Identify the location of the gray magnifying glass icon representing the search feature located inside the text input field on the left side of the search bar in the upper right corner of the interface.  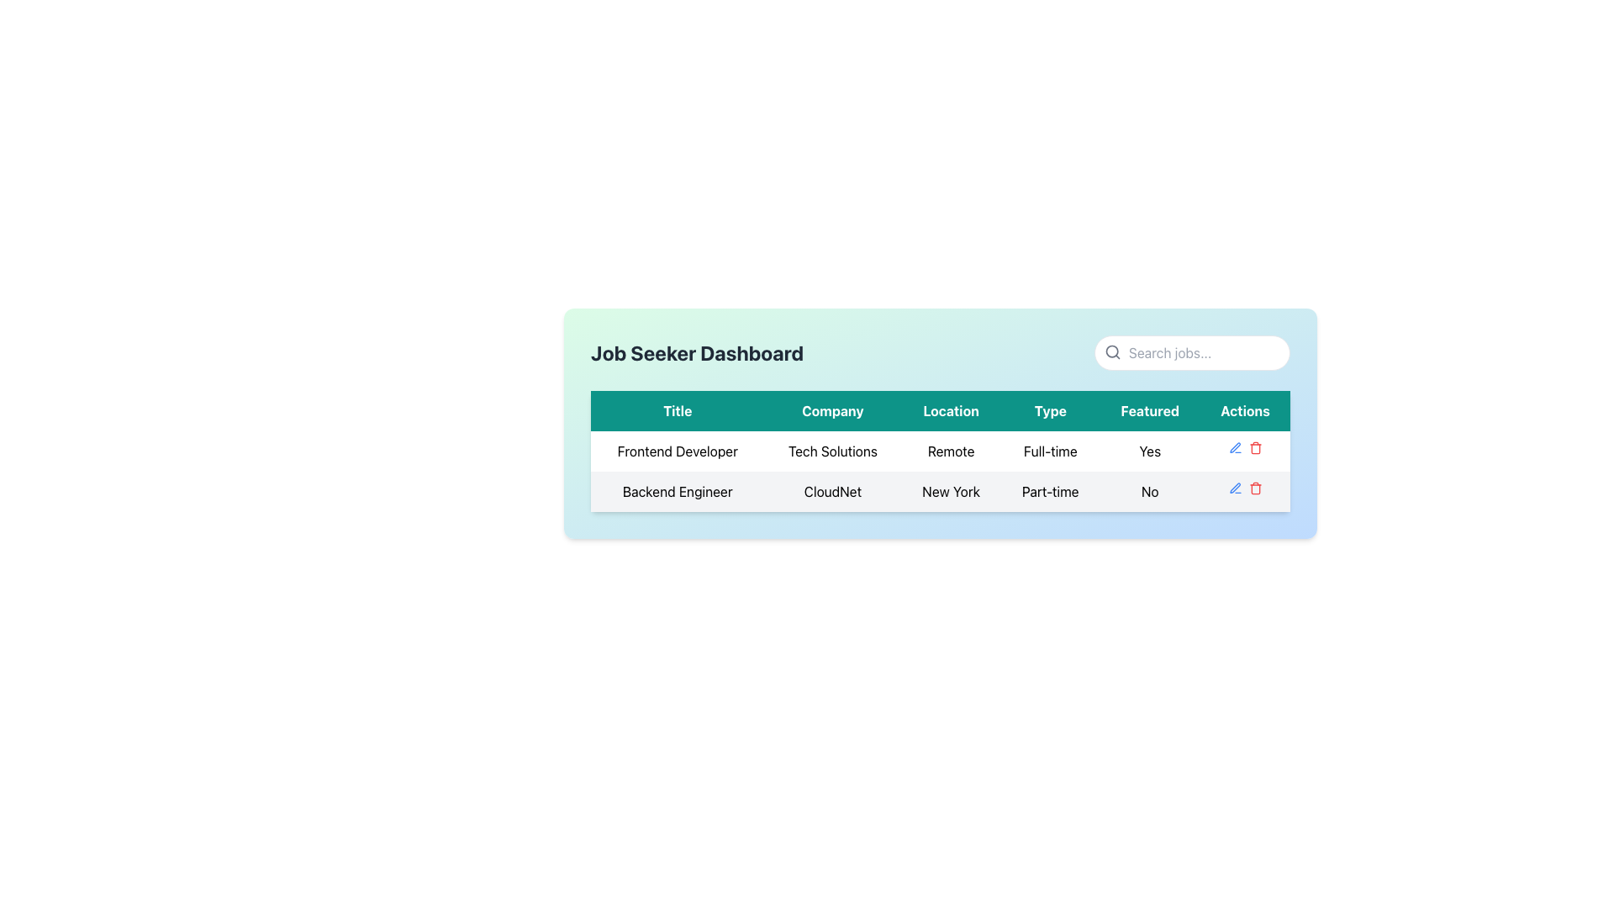
(1113, 351).